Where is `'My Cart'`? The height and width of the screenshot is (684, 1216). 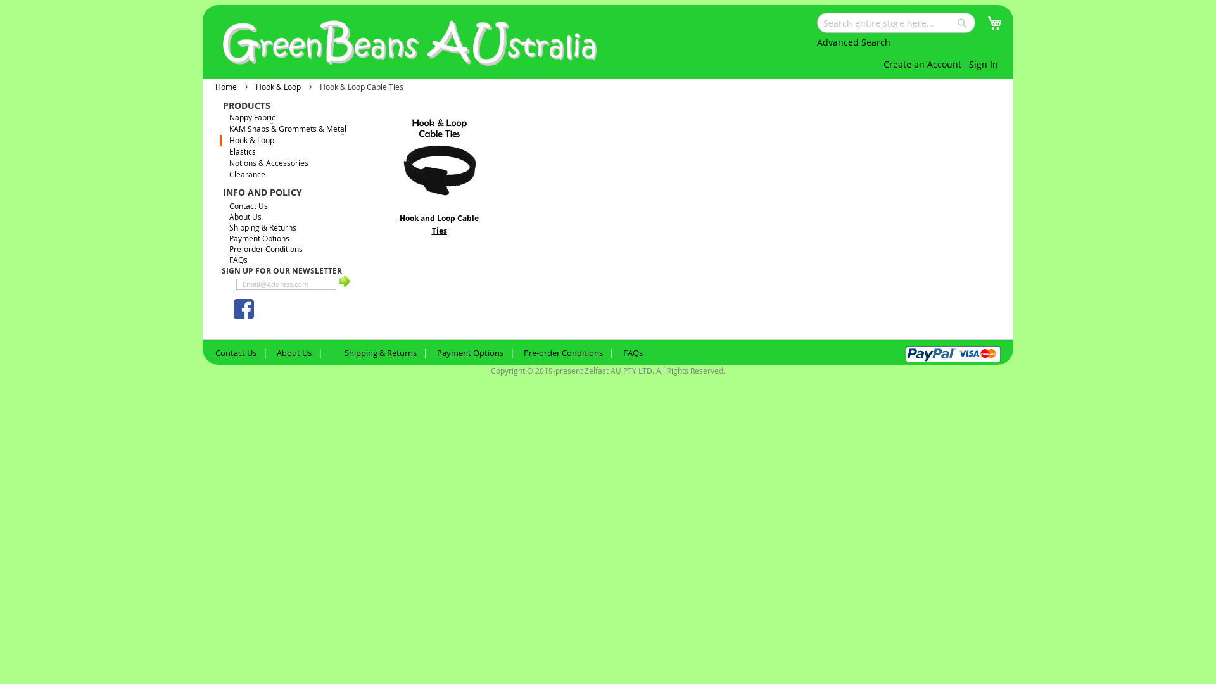
'My Cart' is located at coordinates (994, 23).